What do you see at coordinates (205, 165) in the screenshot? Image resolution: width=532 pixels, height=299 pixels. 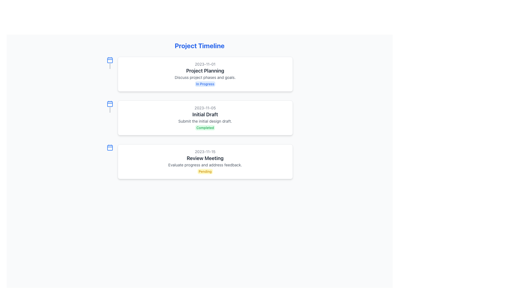 I see `the small gray text that reads 'Evaluate progress and address feedback.' located in the lower section of the 'Review Meeting' card` at bounding box center [205, 165].